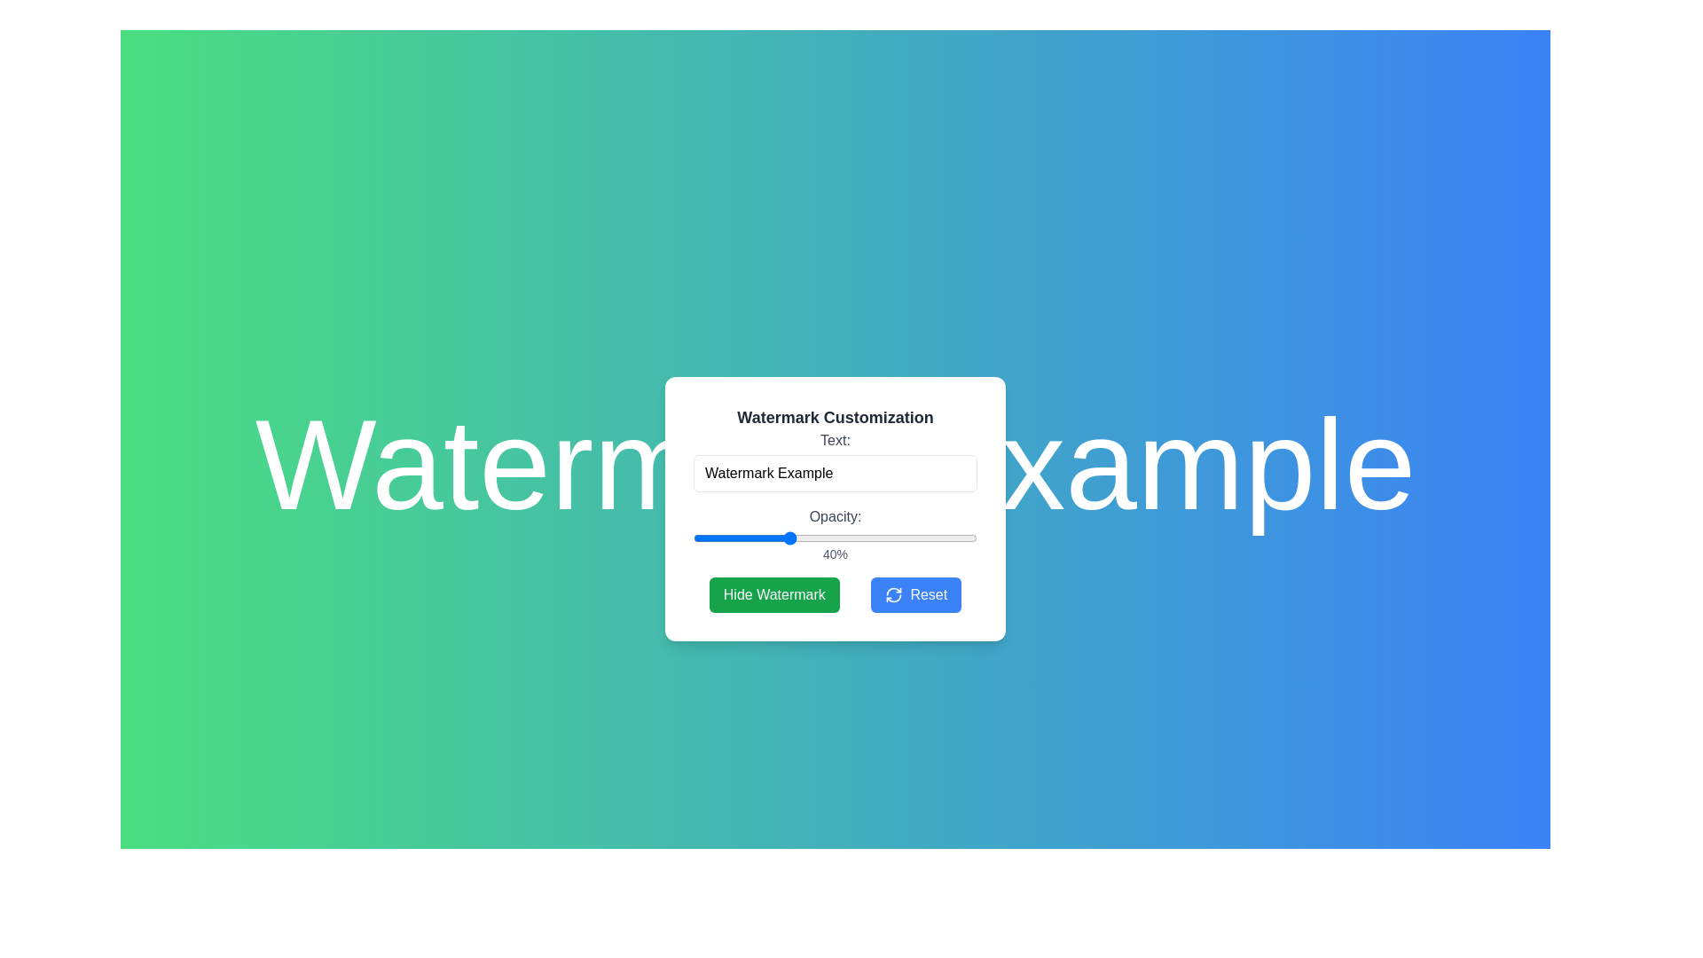  Describe the element at coordinates (867, 537) in the screenshot. I see `opacity` at that location.